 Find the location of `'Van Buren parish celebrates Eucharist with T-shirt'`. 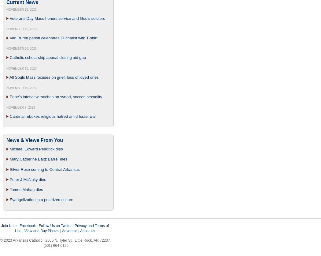

'Van Buren parish celebrates Eucharist with T-shirt' is located at coordinates (53, 38).